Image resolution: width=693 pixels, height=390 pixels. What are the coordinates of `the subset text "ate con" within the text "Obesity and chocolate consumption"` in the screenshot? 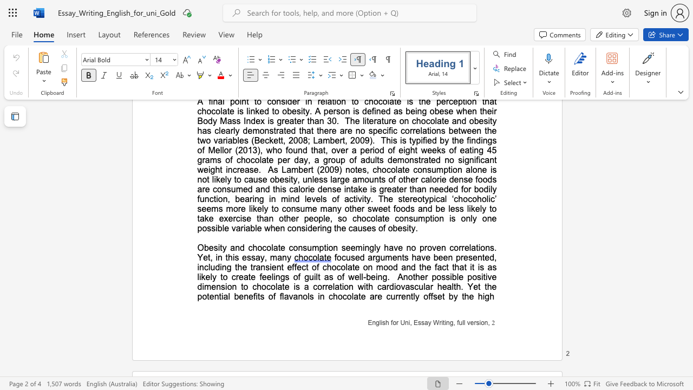 It's located at (273, 248).